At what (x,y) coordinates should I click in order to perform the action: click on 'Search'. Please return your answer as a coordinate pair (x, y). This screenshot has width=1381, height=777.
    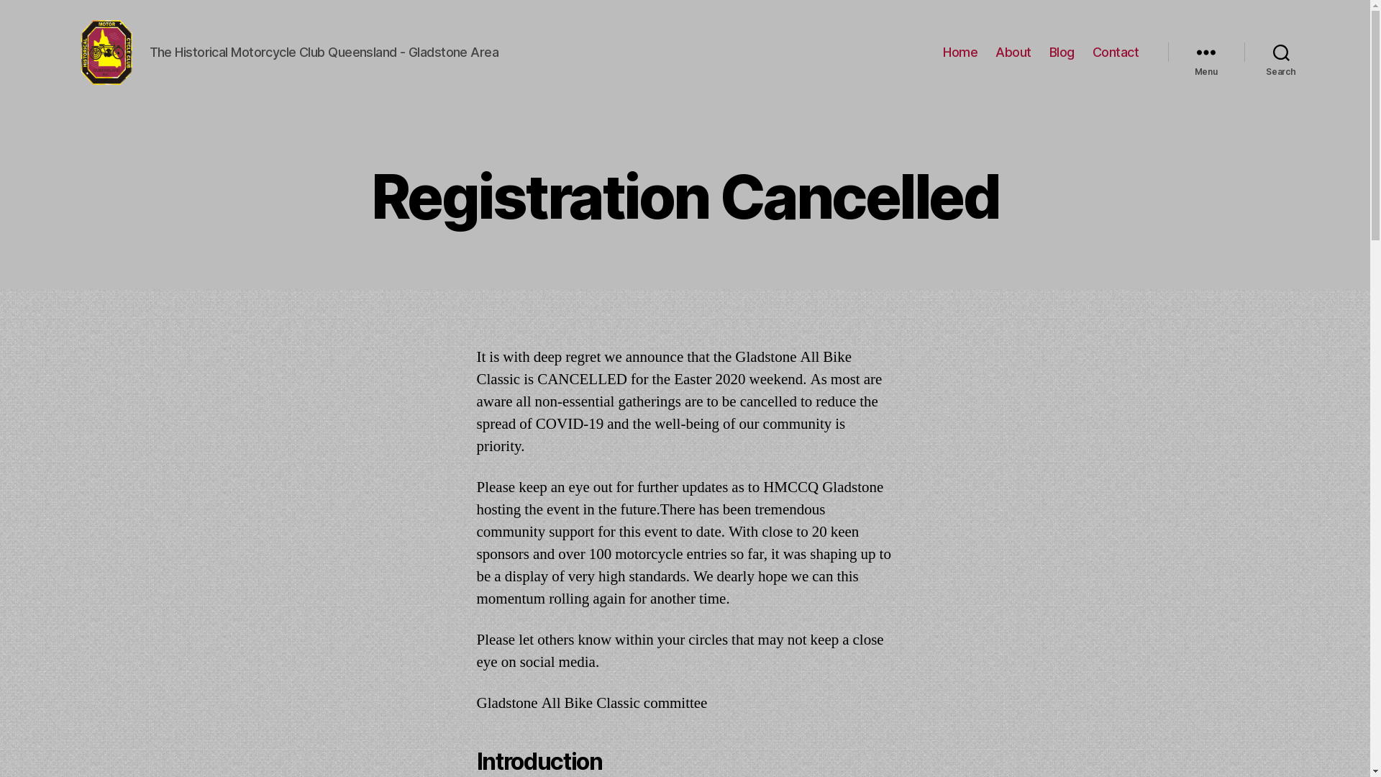
    Looking at the image, I should click on (1281, 52).